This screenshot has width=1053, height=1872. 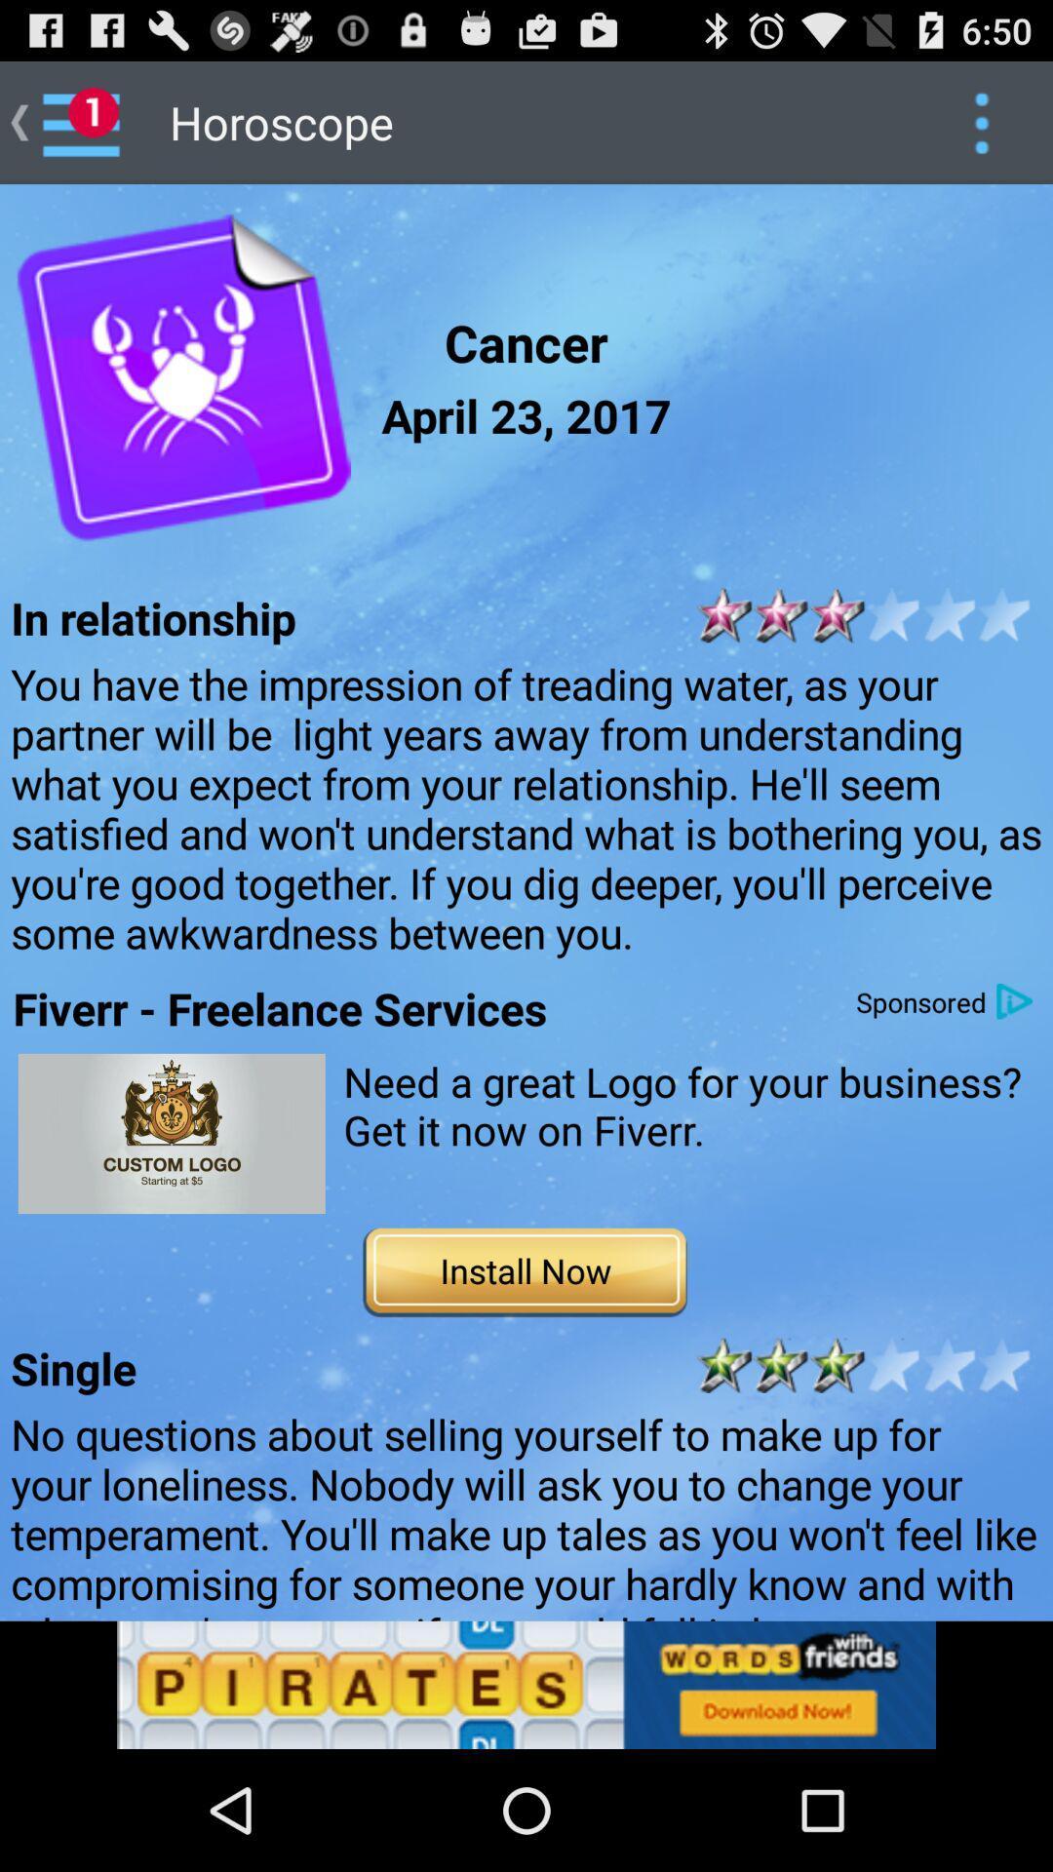 What do you see at coordinates (171, 1133) in the screenshot?
I see `logo opption` at bounding box center [171, 1133].